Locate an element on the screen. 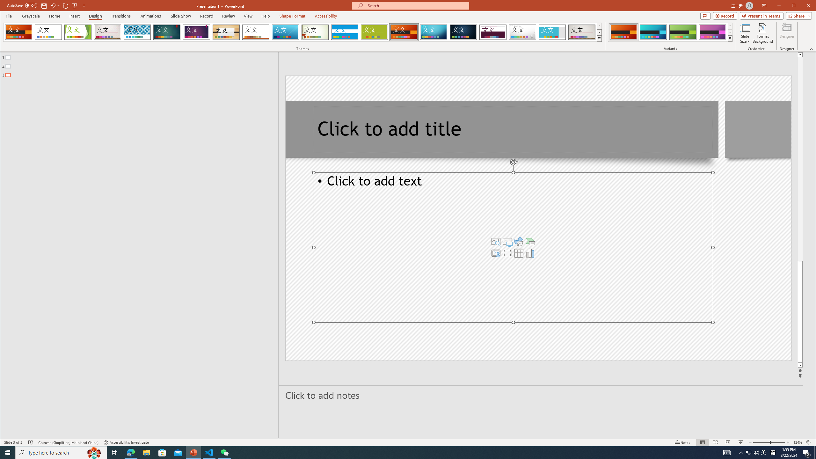 The width and height of the screenshot is (816, 459). 'Berlin Variant 2' is located at coordinates (653, 32).